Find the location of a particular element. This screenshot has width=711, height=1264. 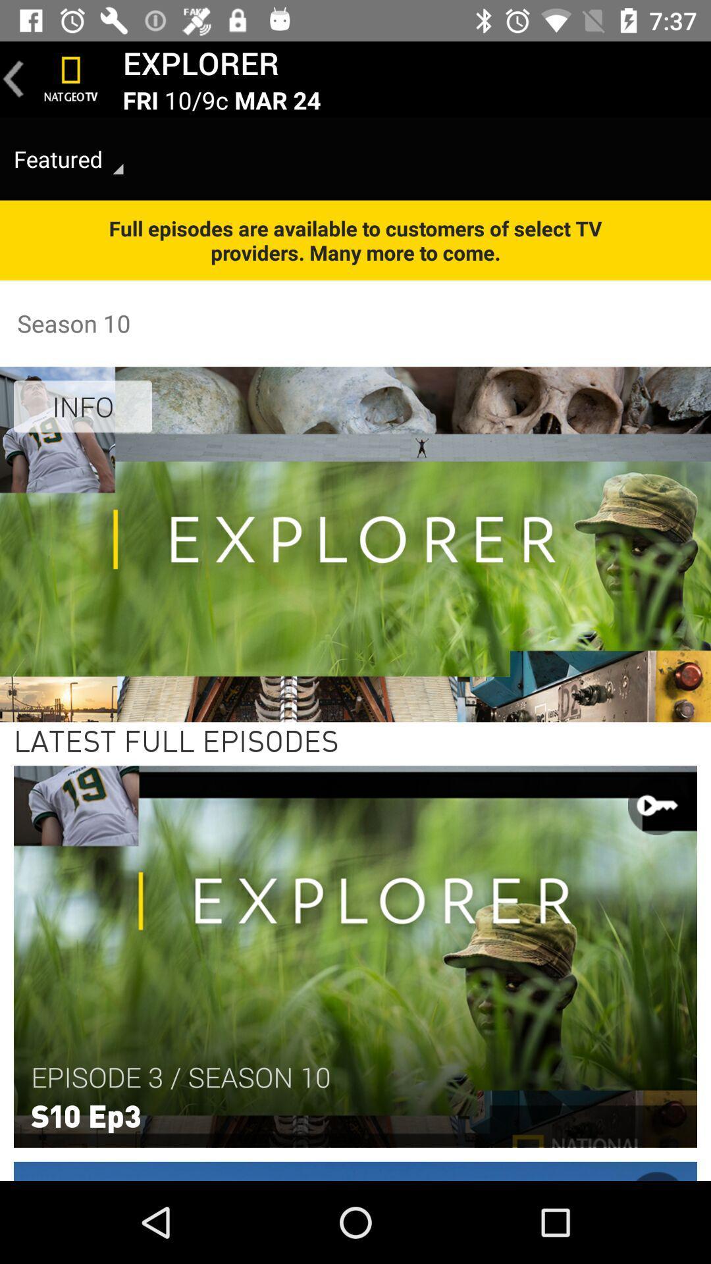

the item below the latest full episodes is located at coordinates (180, 1077).